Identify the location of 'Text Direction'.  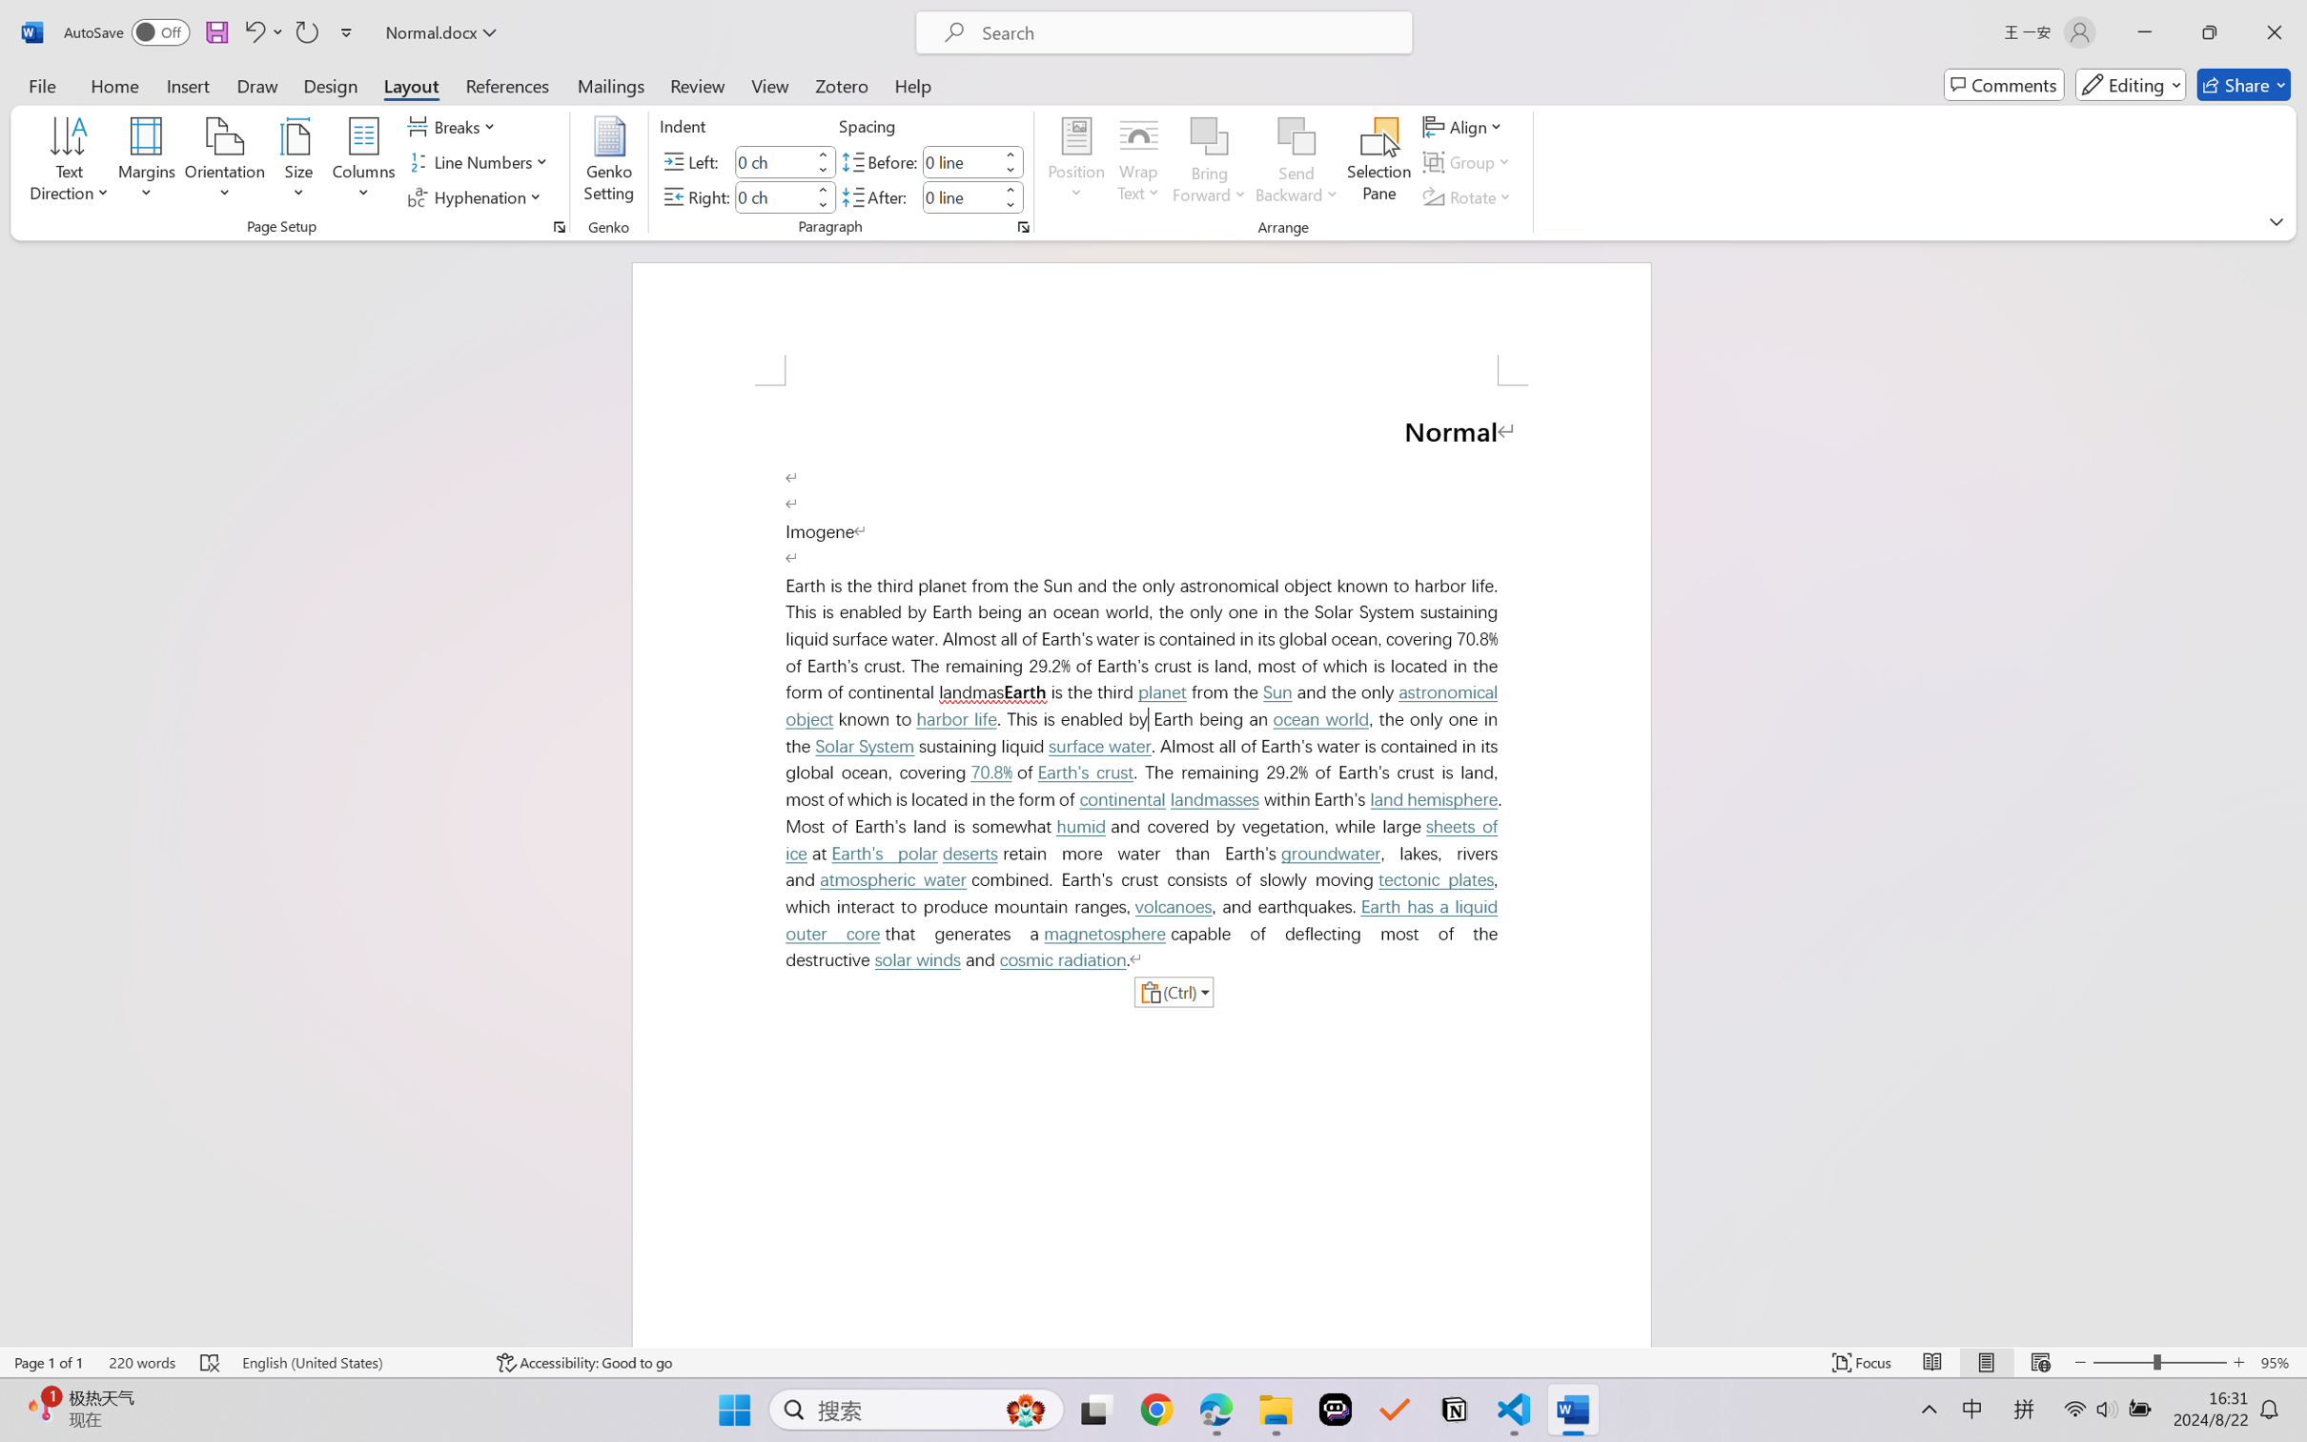
(70, 162).